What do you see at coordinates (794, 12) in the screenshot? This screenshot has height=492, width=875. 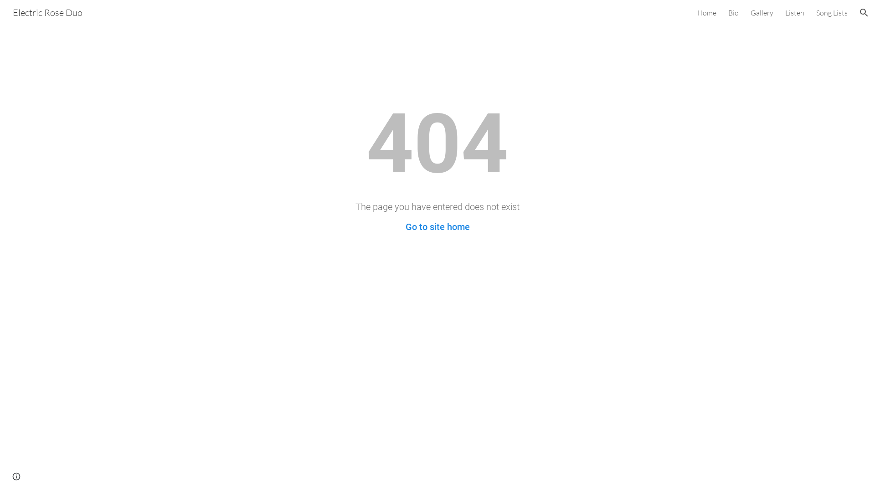 I see `'Listen'` at bounding box center [794, 12].